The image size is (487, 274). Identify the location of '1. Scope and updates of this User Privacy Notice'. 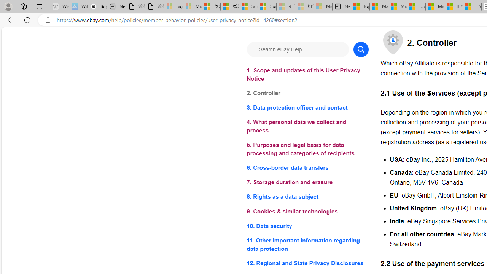
(307, 75).